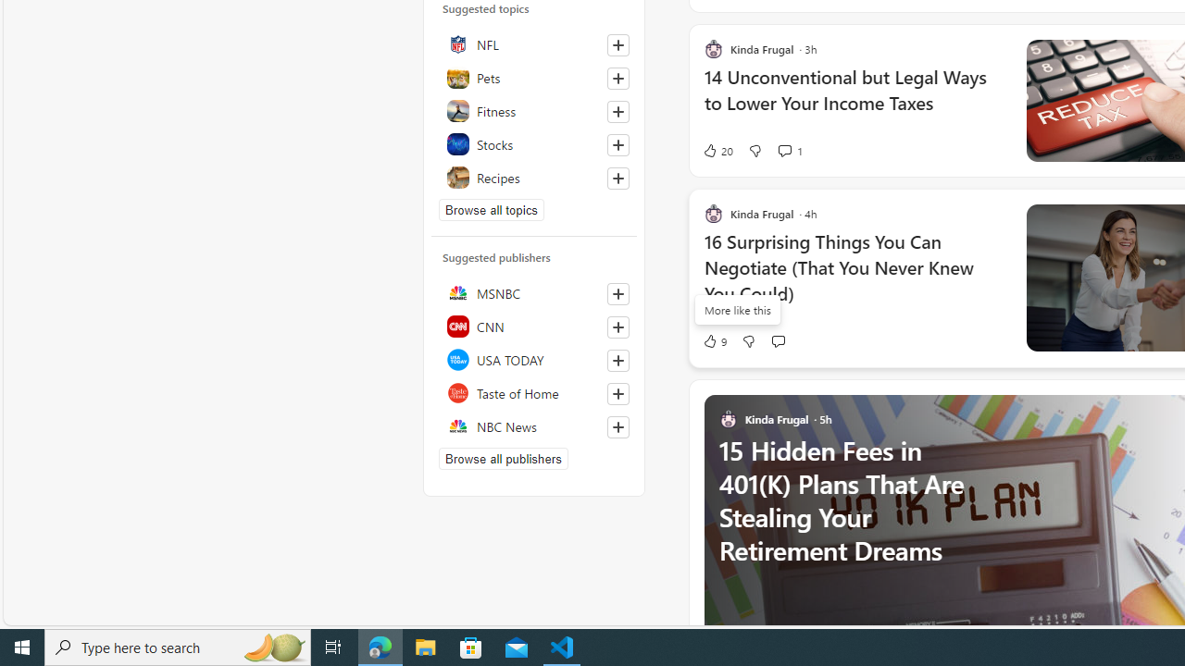  I want to click on 'Stocks', so click(533, 142).